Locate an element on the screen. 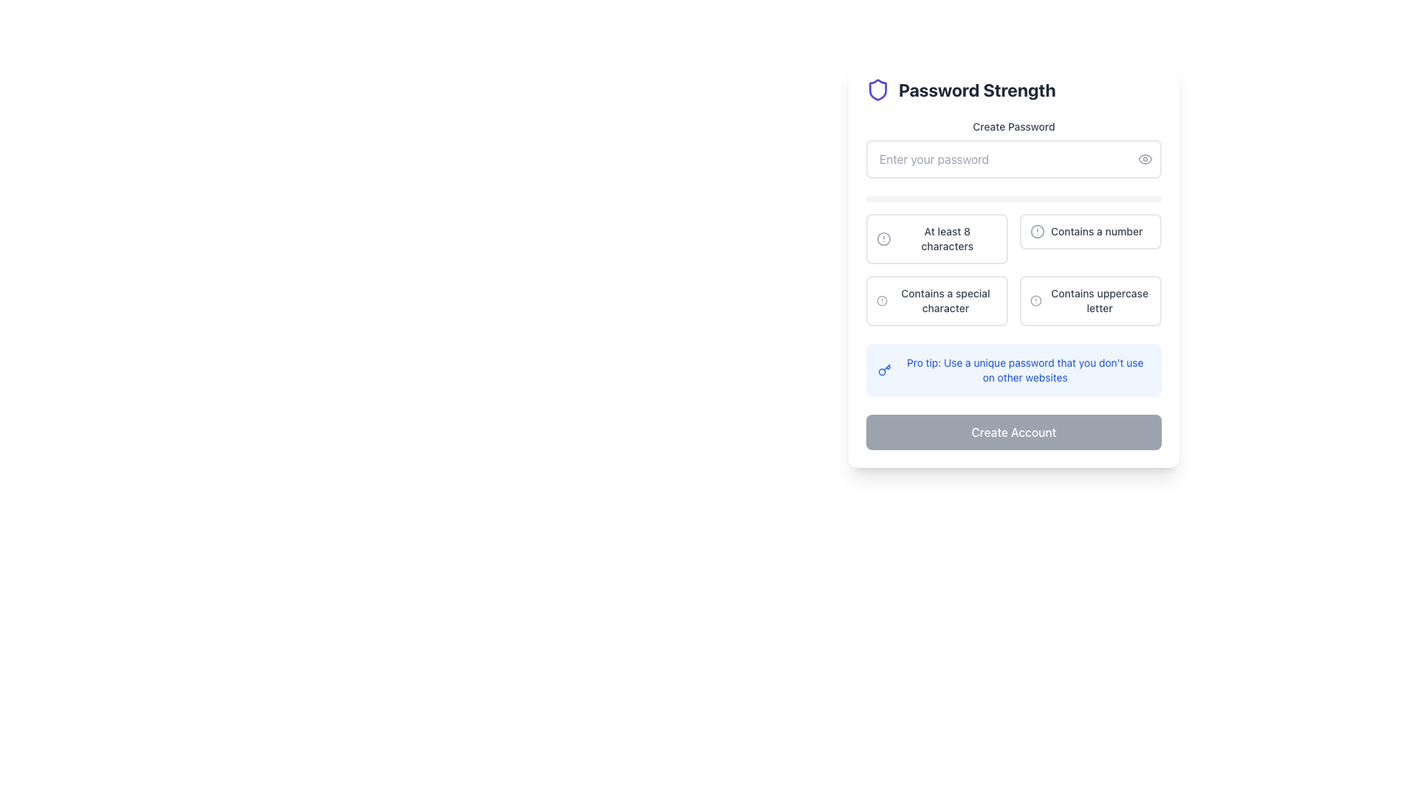 The width and height of the screenshot is (1418, 797). the icon representing 'Password Strength' located at the top-left corner of the form section, which symbolizes security or safety is located at coordinates (878, 90).